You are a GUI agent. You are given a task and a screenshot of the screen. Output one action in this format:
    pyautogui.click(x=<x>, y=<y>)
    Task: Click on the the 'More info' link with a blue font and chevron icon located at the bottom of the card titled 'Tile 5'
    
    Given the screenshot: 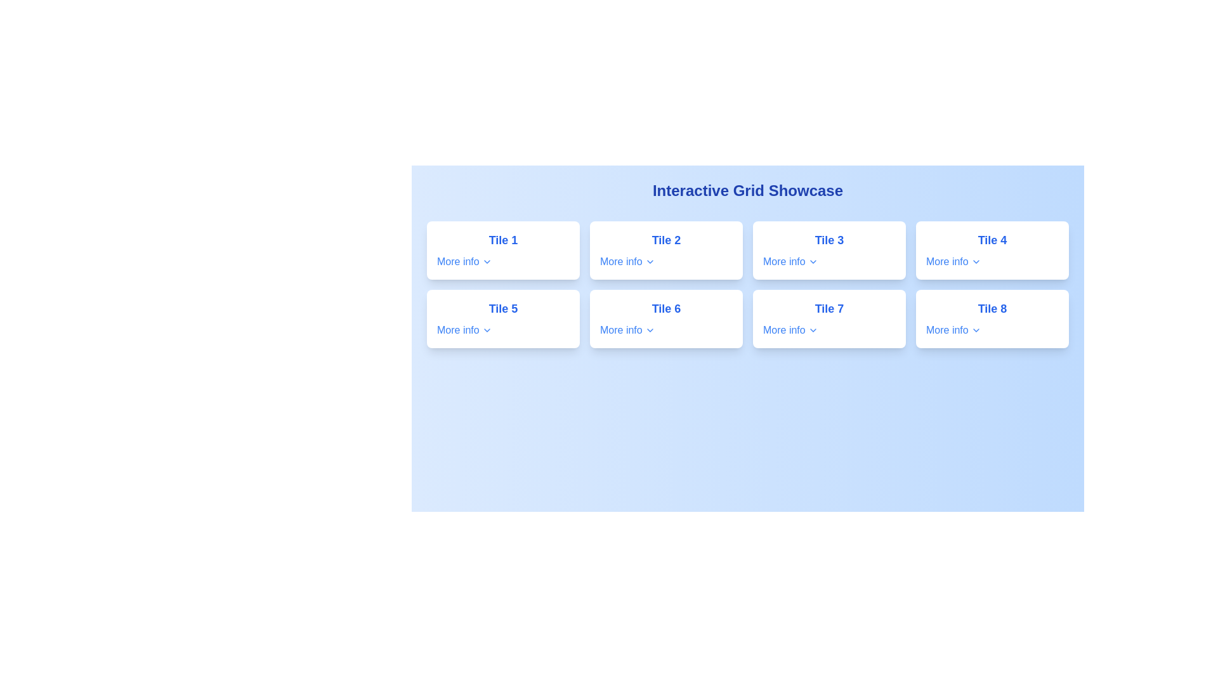 What is the action you would take?
    pyautogui.click(x=464, y=329)
    